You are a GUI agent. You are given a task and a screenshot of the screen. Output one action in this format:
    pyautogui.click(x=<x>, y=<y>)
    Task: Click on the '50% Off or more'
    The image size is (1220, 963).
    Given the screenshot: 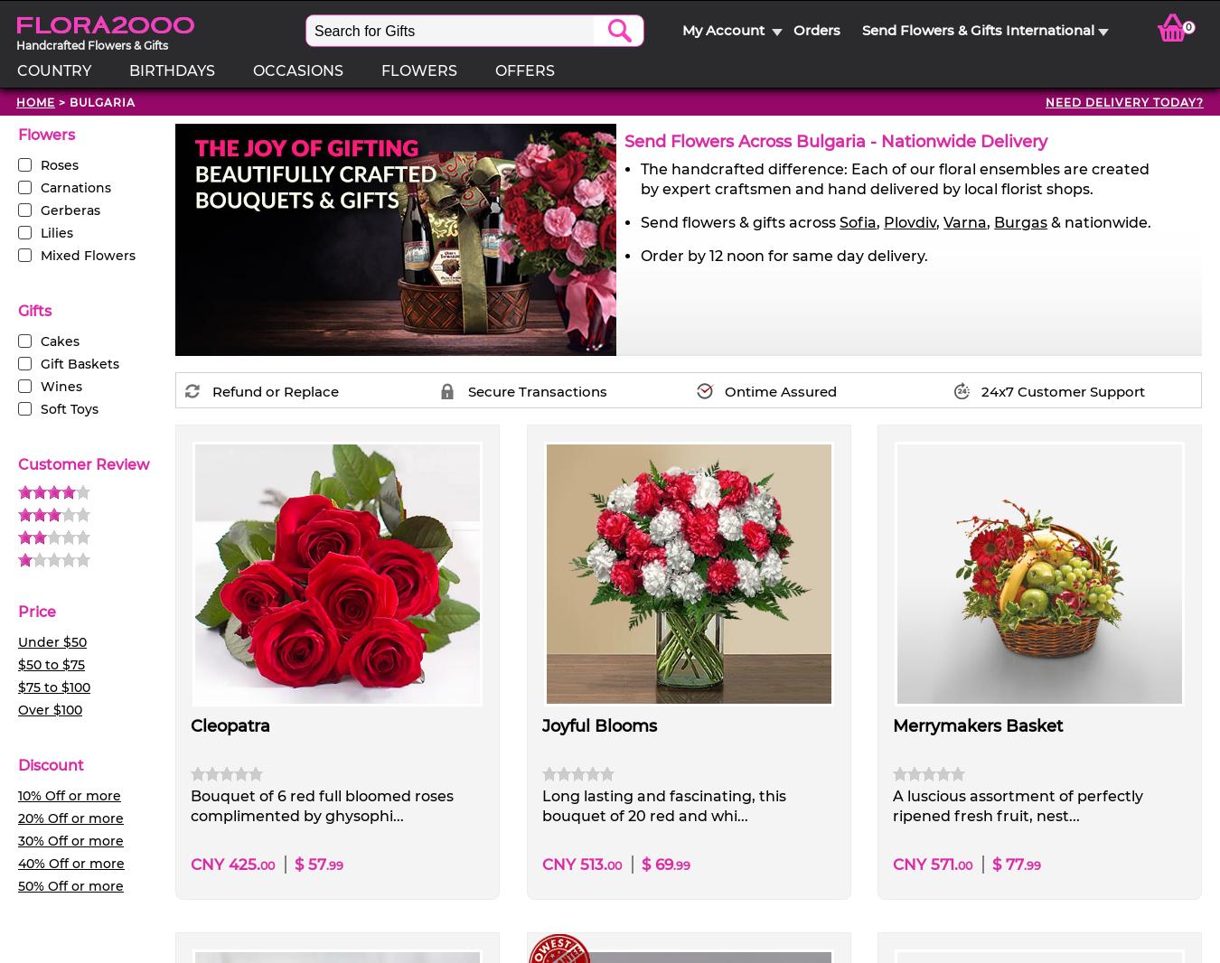 What is the action you would take?
    pyautogui.click(x=70, y=886)
    